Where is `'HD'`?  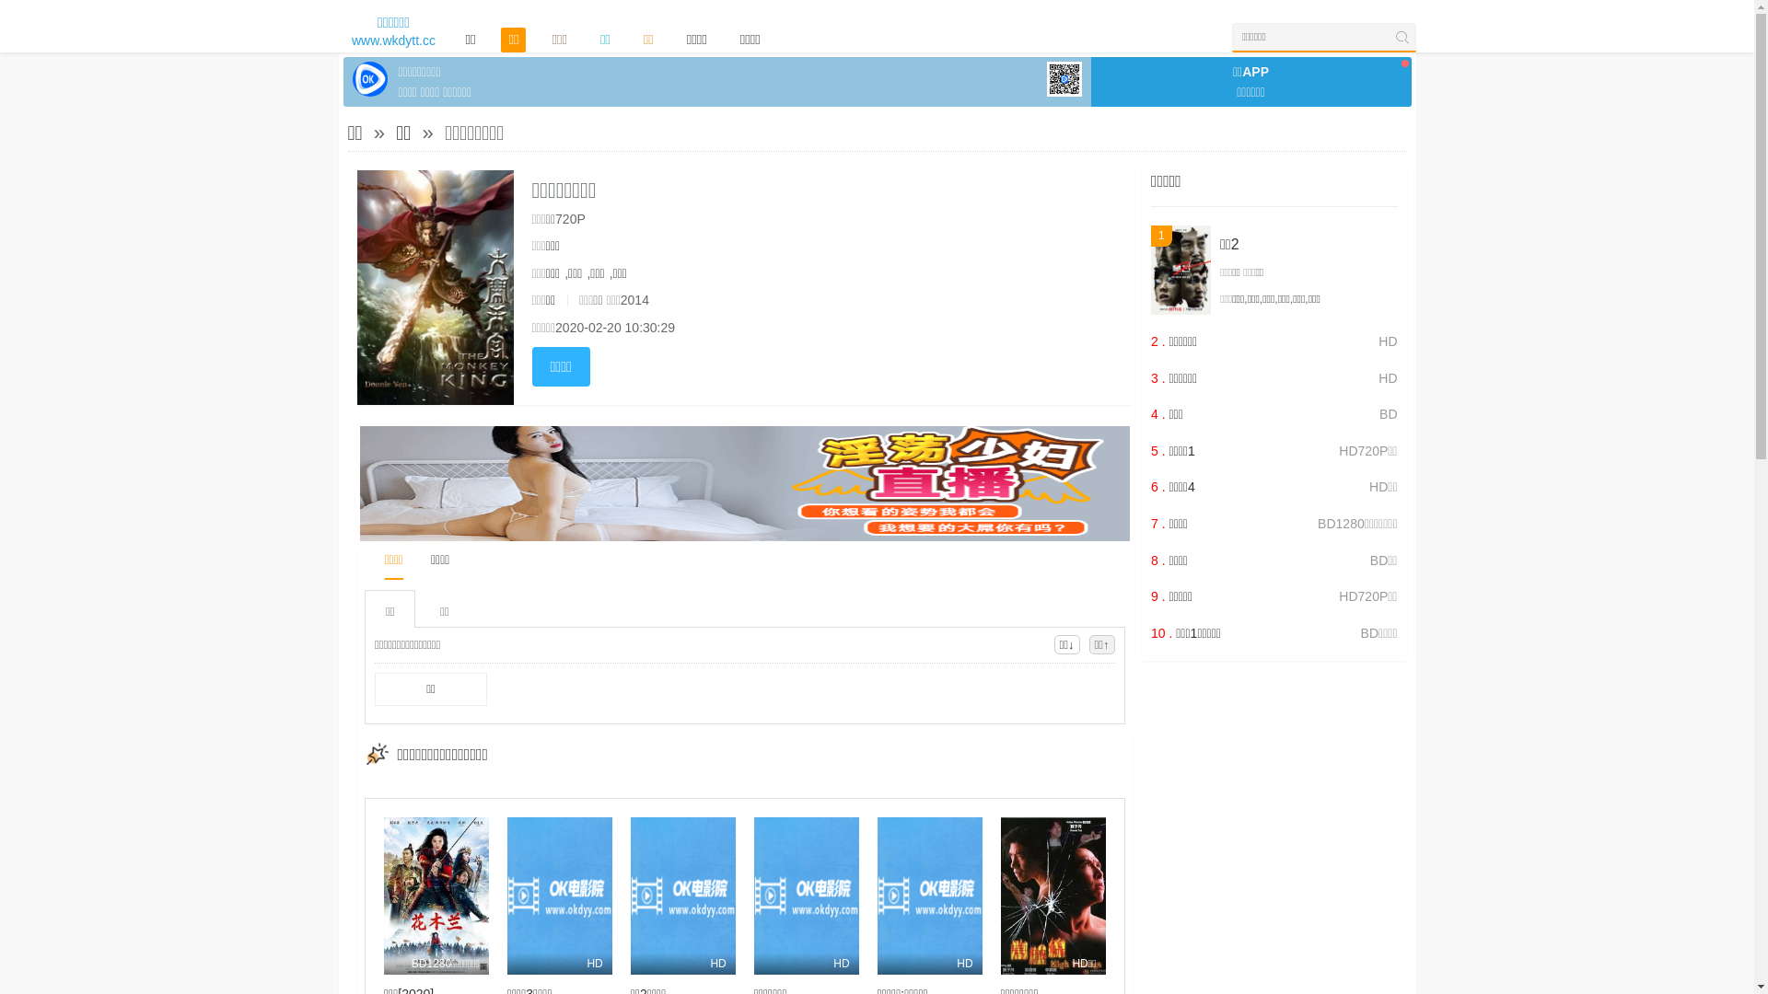 'HD' is located at coordinates (559, 895).